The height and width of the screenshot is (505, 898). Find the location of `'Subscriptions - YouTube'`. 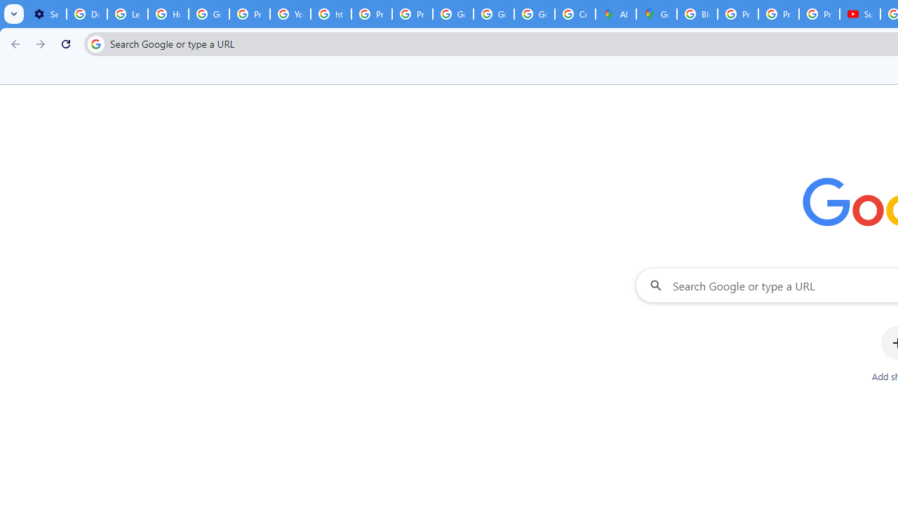

'Subscriptions - YouTube' is located at coordinates (859, 14).